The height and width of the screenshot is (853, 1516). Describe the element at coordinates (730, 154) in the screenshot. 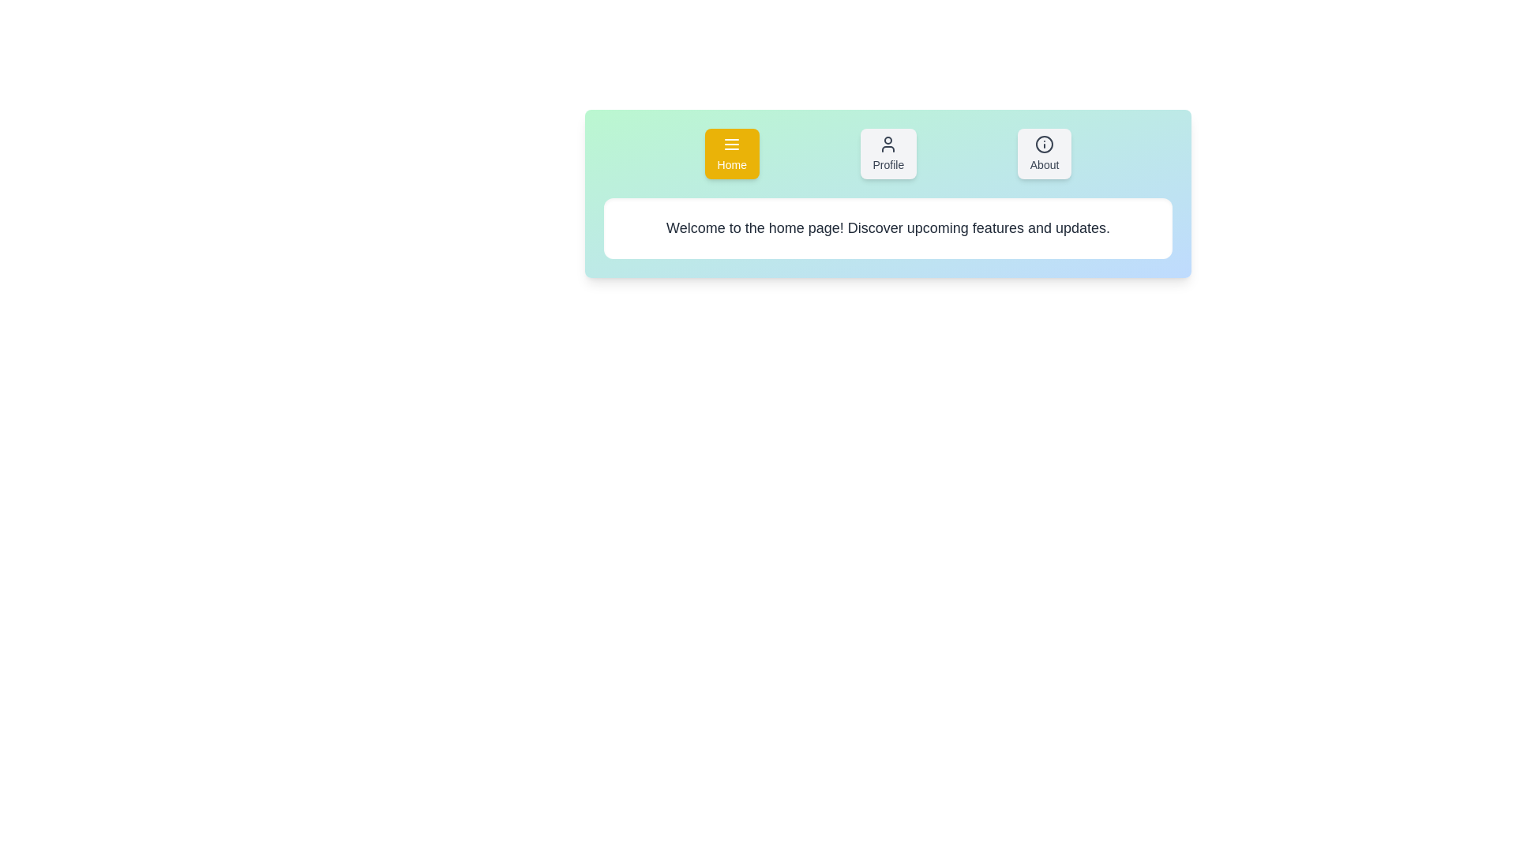

I see `the Home tab by clicking its corresponding button` at that location.